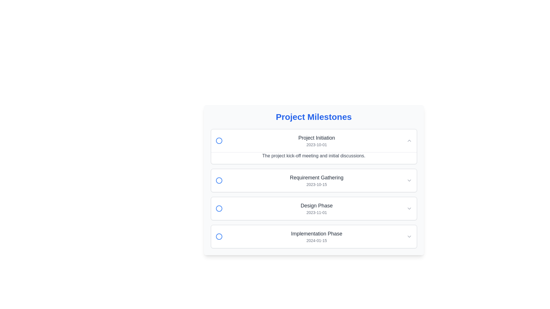 The width and height of the screenshot is (550, 309). I want to click on text information displayed in the header and date of the project milestone located in the first item of the 'Project Milestones' list, positioned centrally above the project kickoff subtitle, so click(316, 141).